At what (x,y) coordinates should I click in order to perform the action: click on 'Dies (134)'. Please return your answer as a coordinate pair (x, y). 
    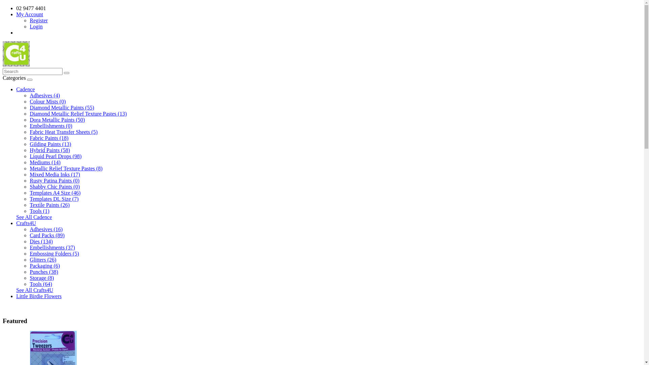
    Looking at the image, I should click on (29, 241).